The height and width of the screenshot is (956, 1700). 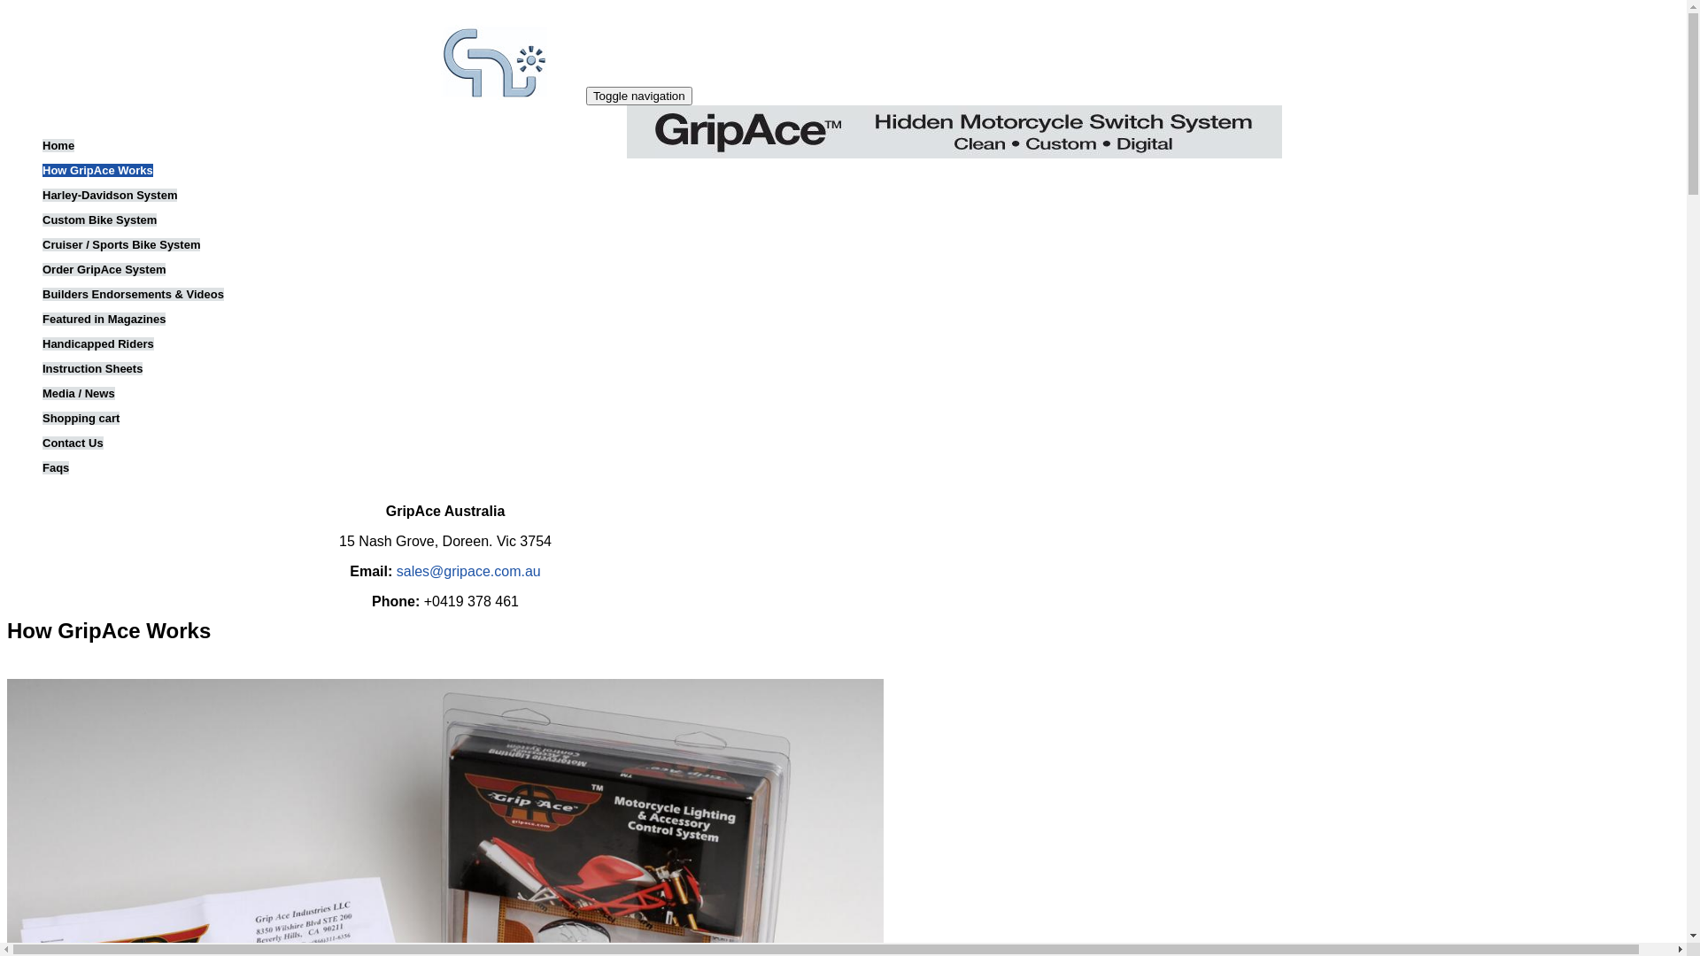 I want to click on 'Featured in Magazines', so click(x=42, y=319).